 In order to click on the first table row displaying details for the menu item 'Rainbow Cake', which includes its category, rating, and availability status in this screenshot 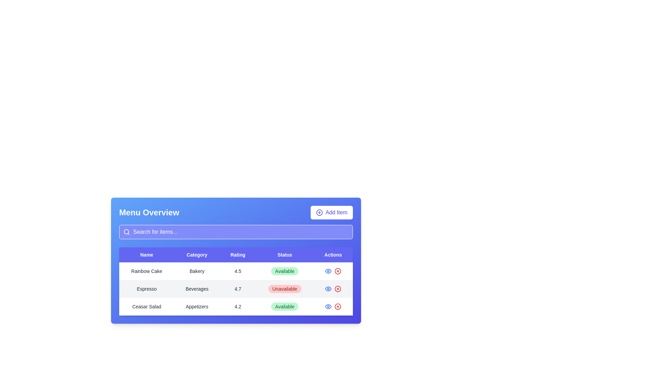, I will do `click(236, 271)`.